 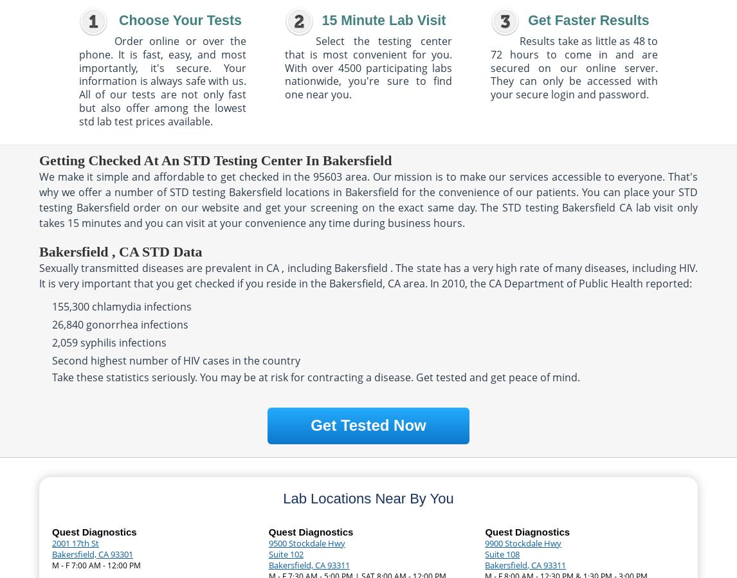 What do you see at coordinates (367, 498) in the screenshot?
I see `'Lab Locations Near By You'` at bounding box center [367, 498].